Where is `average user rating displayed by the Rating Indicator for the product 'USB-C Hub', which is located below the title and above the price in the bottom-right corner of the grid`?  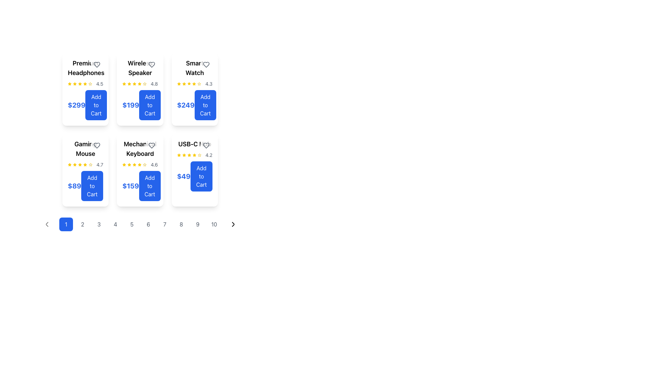 average user rating displayed by the Rating Indicator for the product 'USB-C Hub', which is located below the title and above the price in the bottom-right corner of the grid is located at coordinates (194, 155).